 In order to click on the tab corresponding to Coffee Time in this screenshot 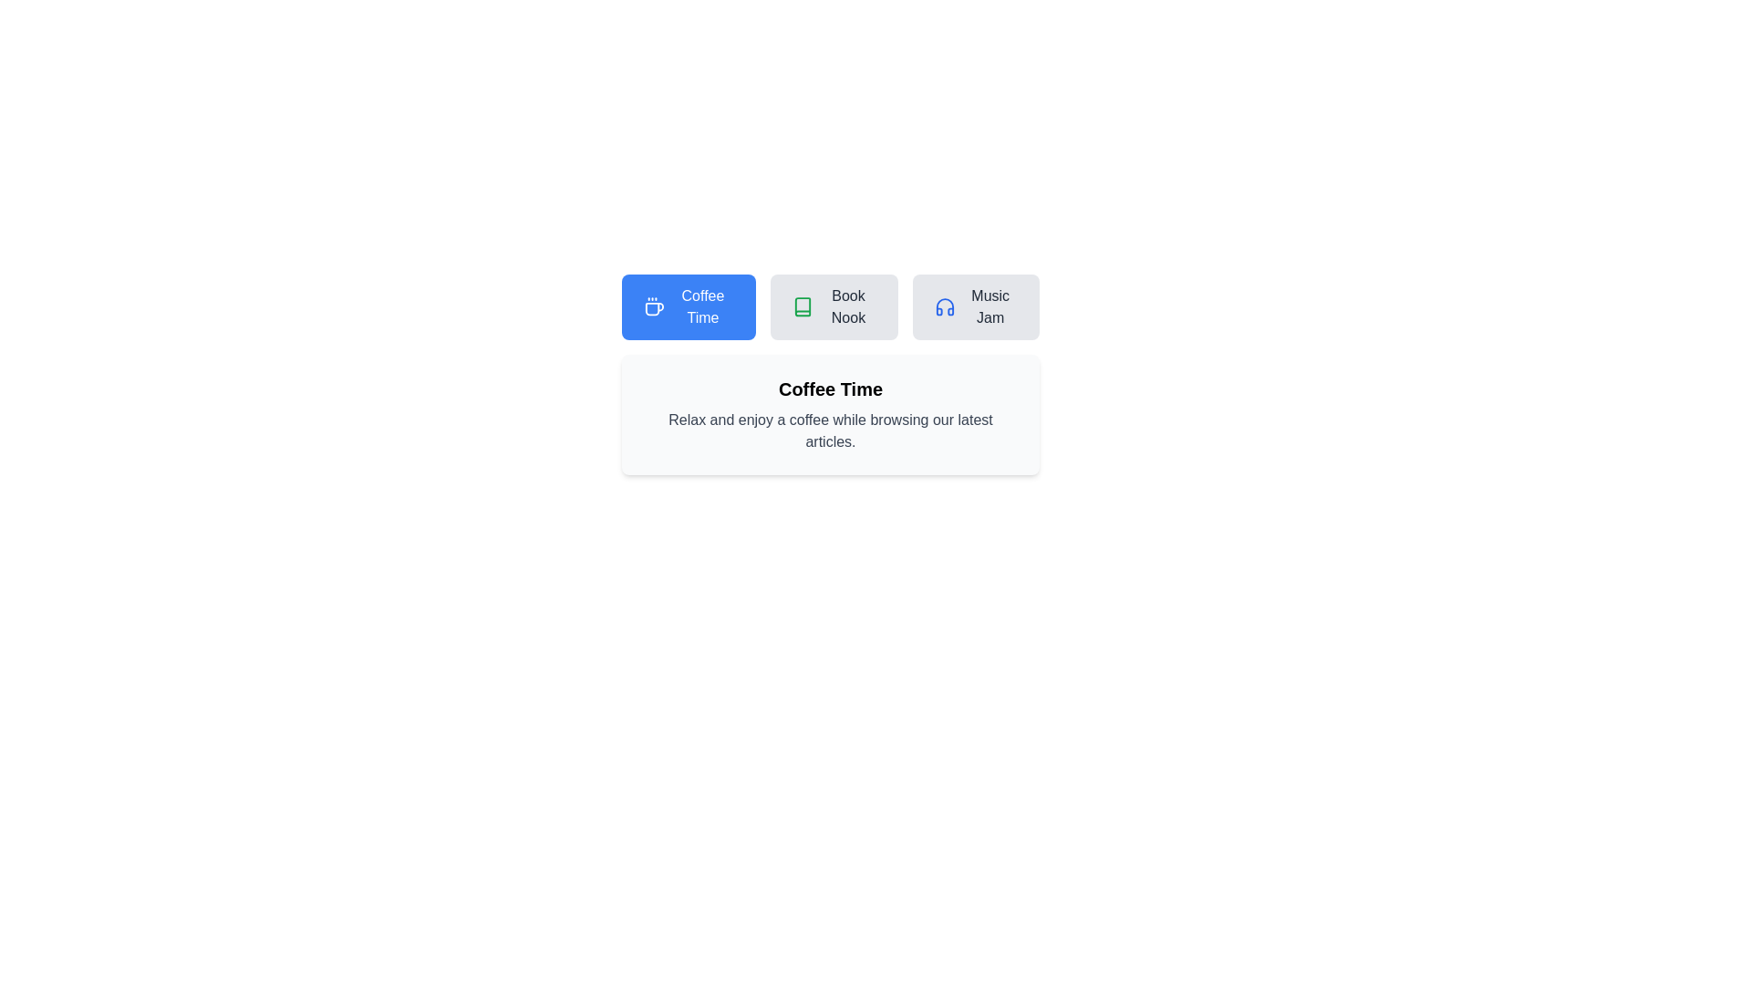, I will do `click(687, 306)`.